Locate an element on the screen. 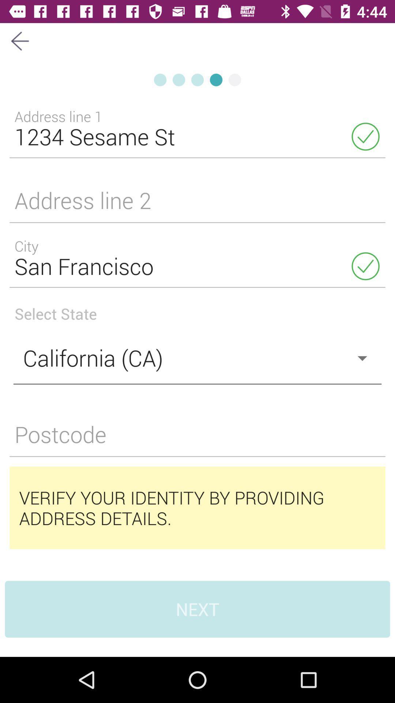 The height and width of the screenshot is (703, 395). postcode is located at coordinates (197, 439).